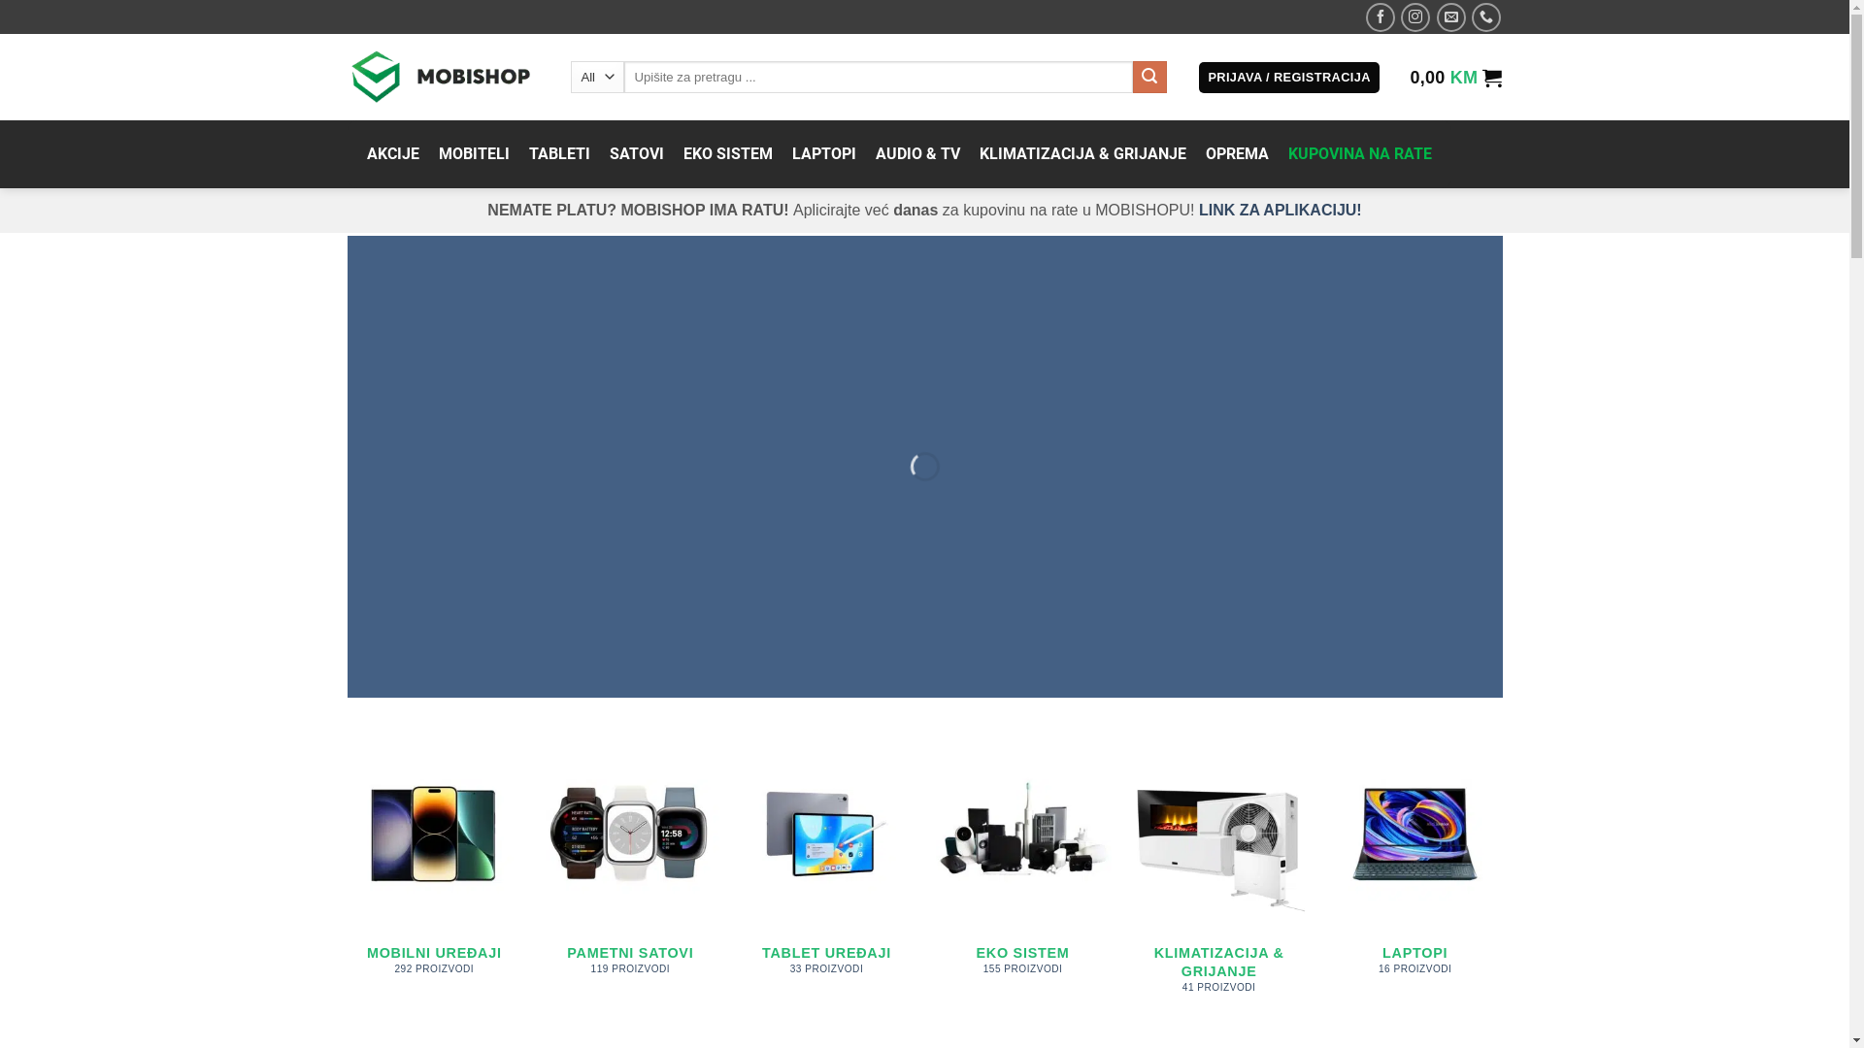 This screenshot has height=1048, width=1864. Describe the element at coordinates (1288, 77) in the screenshot. I see `'PRIJAVA / REGISTRACIJA'` at that location.